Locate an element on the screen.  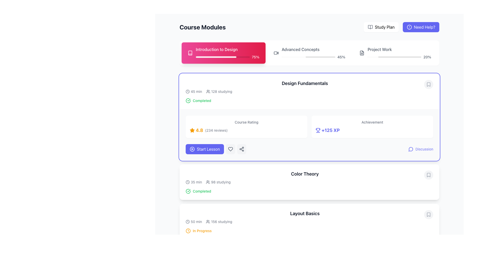
the progress state of the horizontal progress bar located beneath the 'Advanced Concepts' label in the 'Course Modules' section is located at coordinates (308, 57).